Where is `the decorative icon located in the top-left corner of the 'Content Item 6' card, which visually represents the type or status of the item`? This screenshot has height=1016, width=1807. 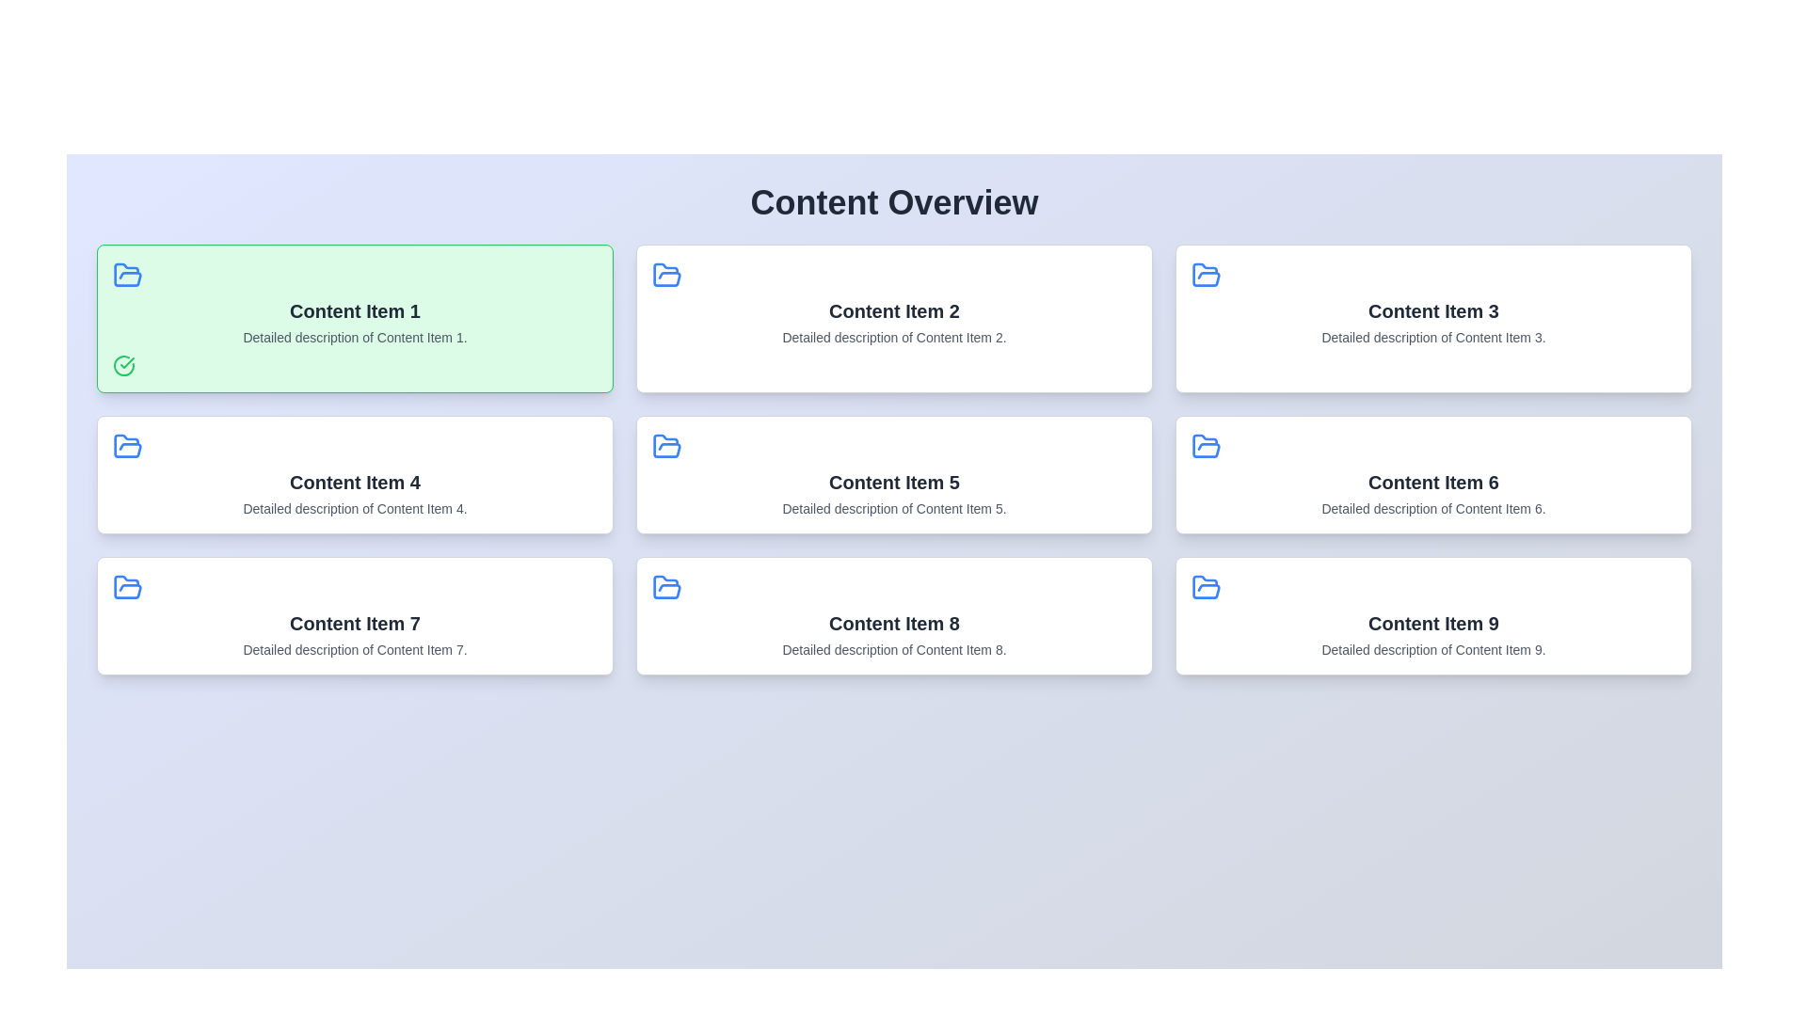 the decorative icon located in the top-left corner of the 'Content Item 6' card, which visually represents the type or status of the item is located at coordinates (1206, 446).